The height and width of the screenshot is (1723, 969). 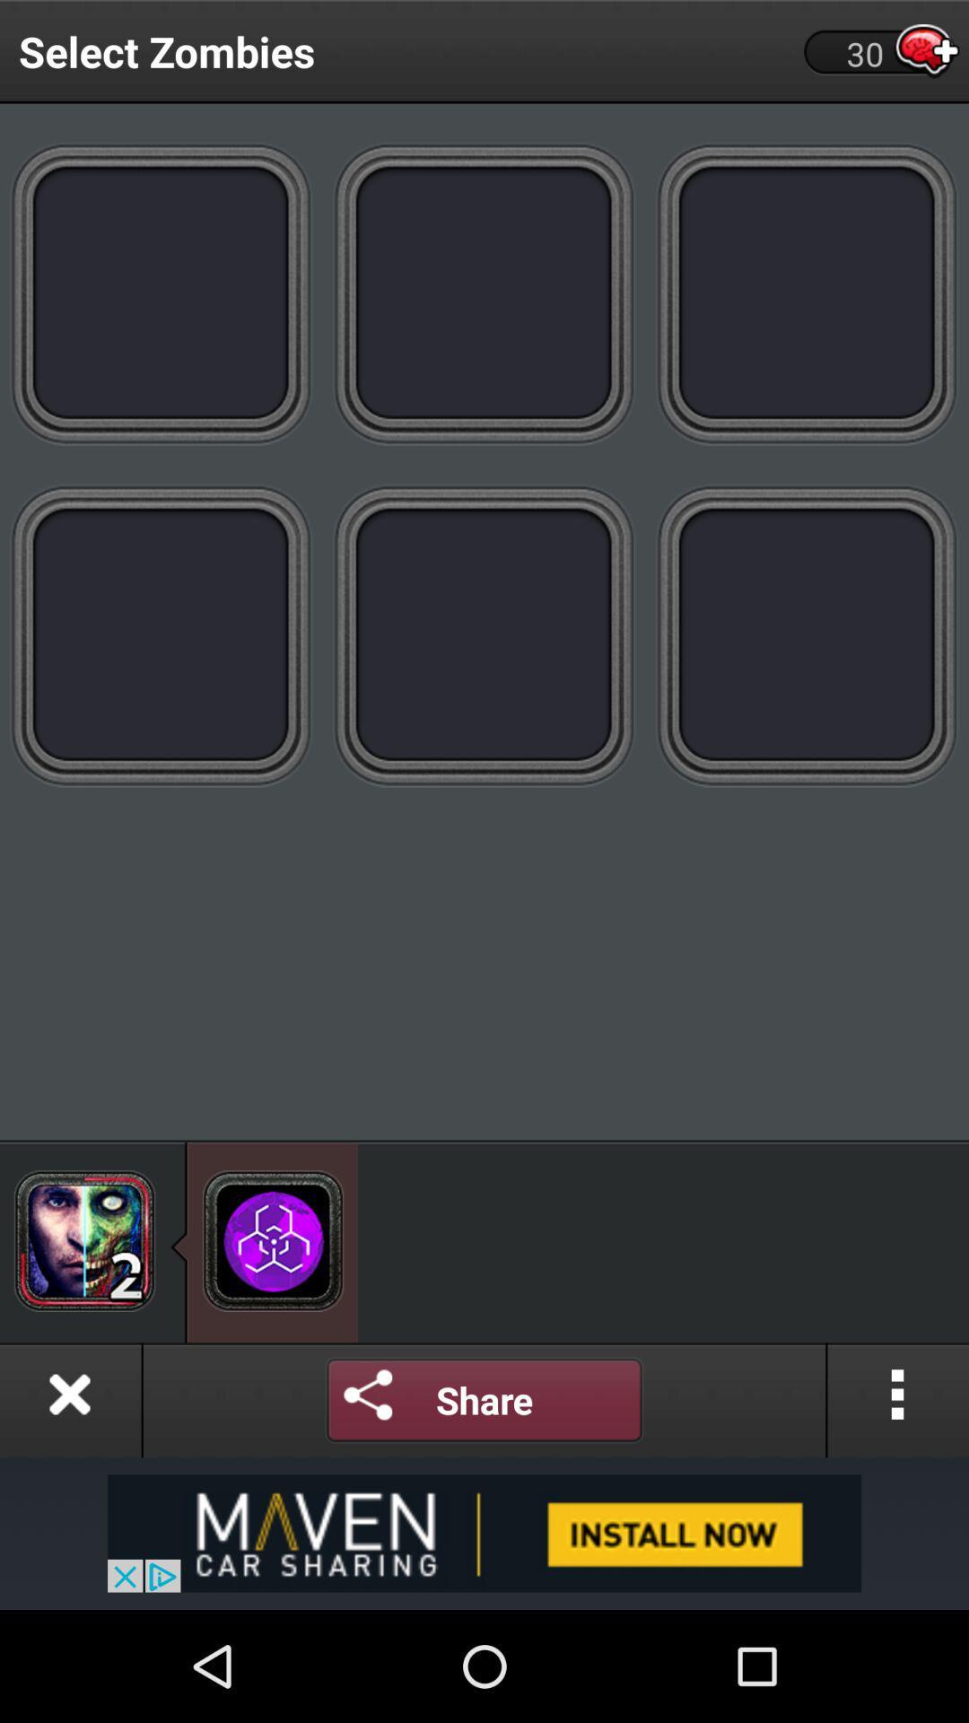 I want to click on the character, so click(x=84, y=1239).